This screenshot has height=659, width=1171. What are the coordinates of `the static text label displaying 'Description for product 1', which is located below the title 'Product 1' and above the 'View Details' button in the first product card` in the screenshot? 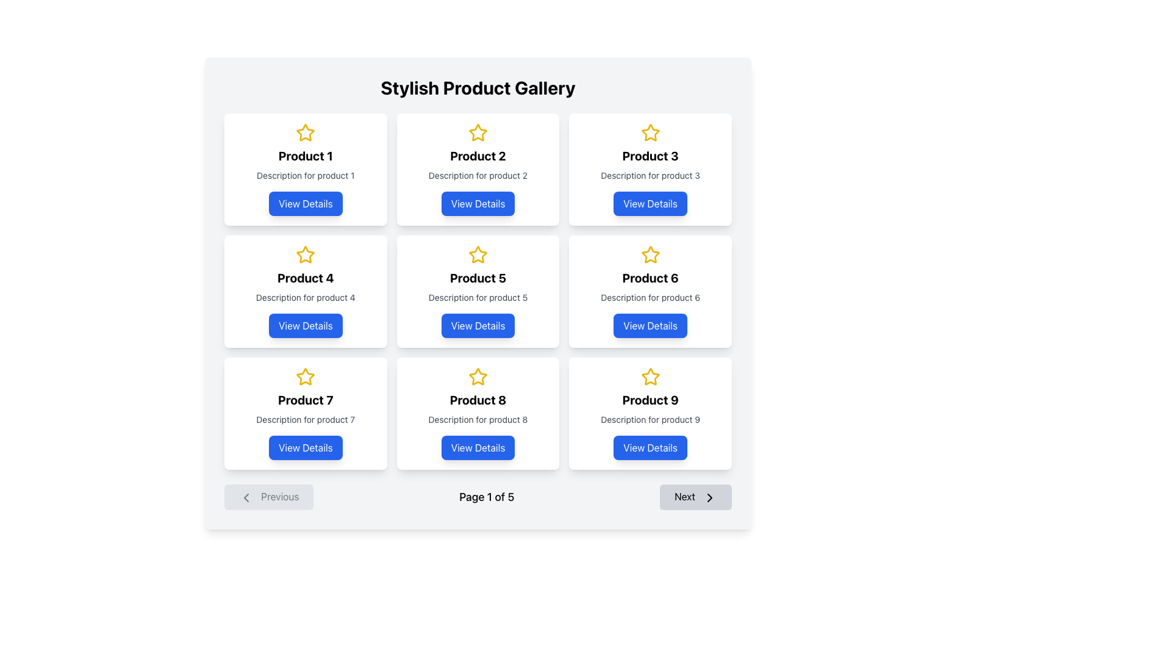 It's located at (306, 176).